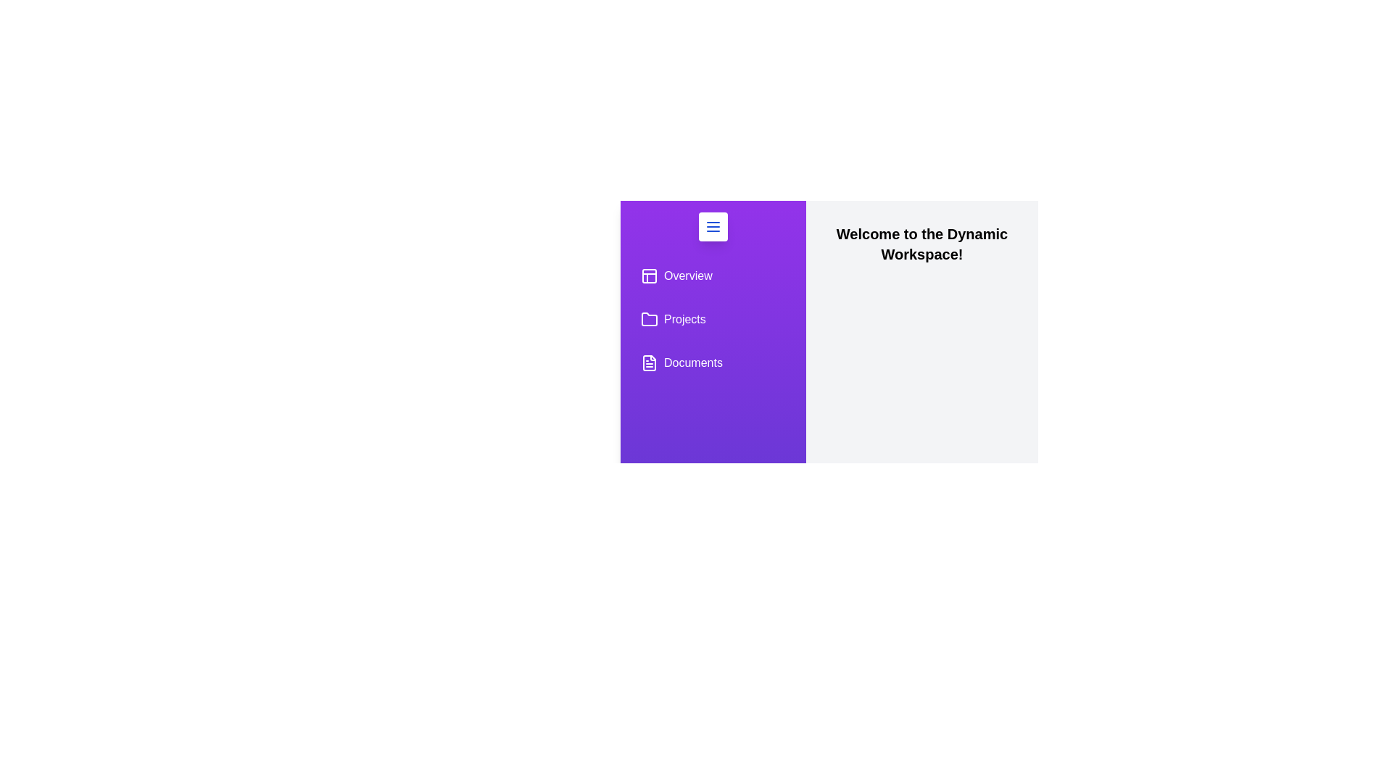  What do you see at coordinates (713, 276) in the screenshot?
I see `the 'Overview' section in the sidebar` at bounding box center [713, 276].